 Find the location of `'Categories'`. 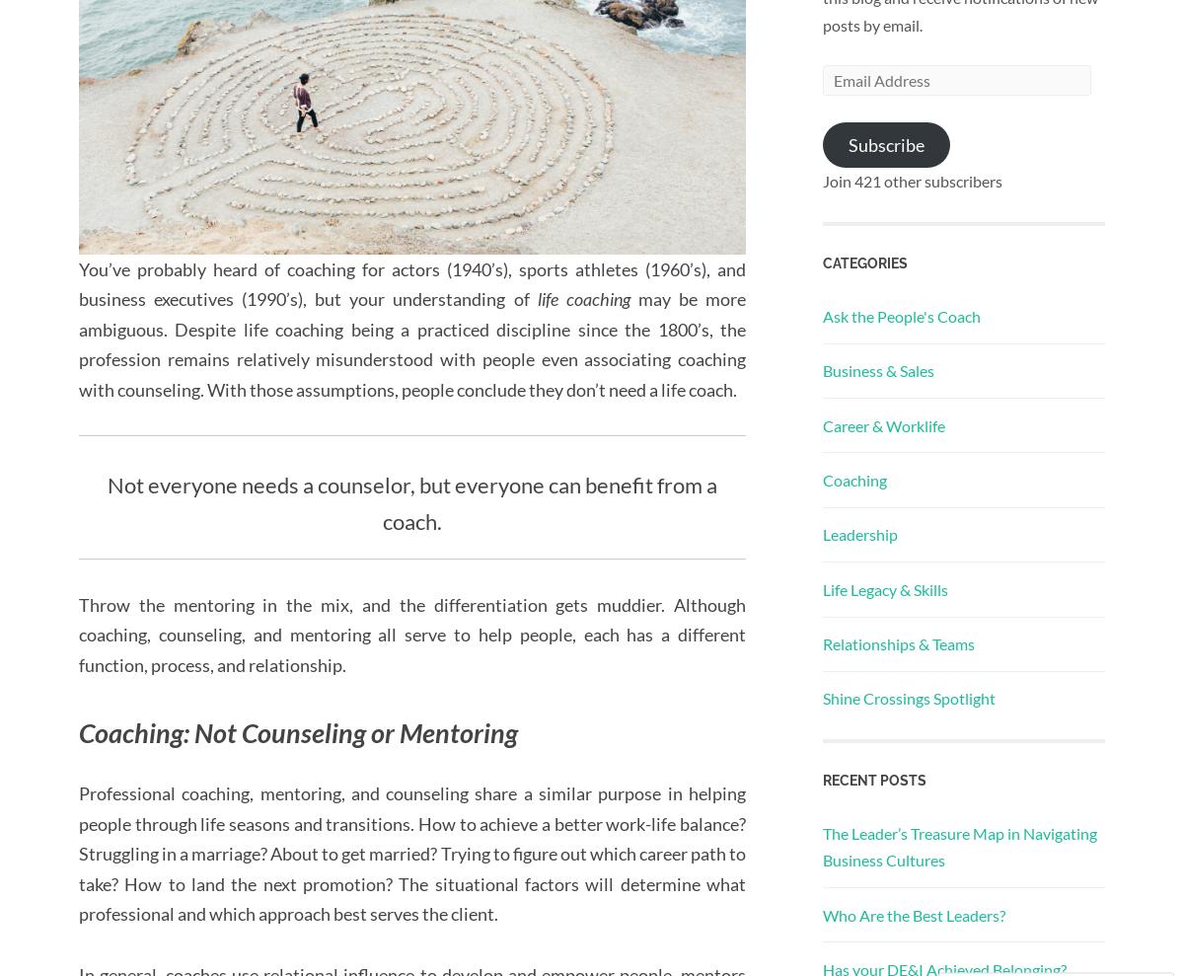

'Categories' is located at coordinates (821, 262).